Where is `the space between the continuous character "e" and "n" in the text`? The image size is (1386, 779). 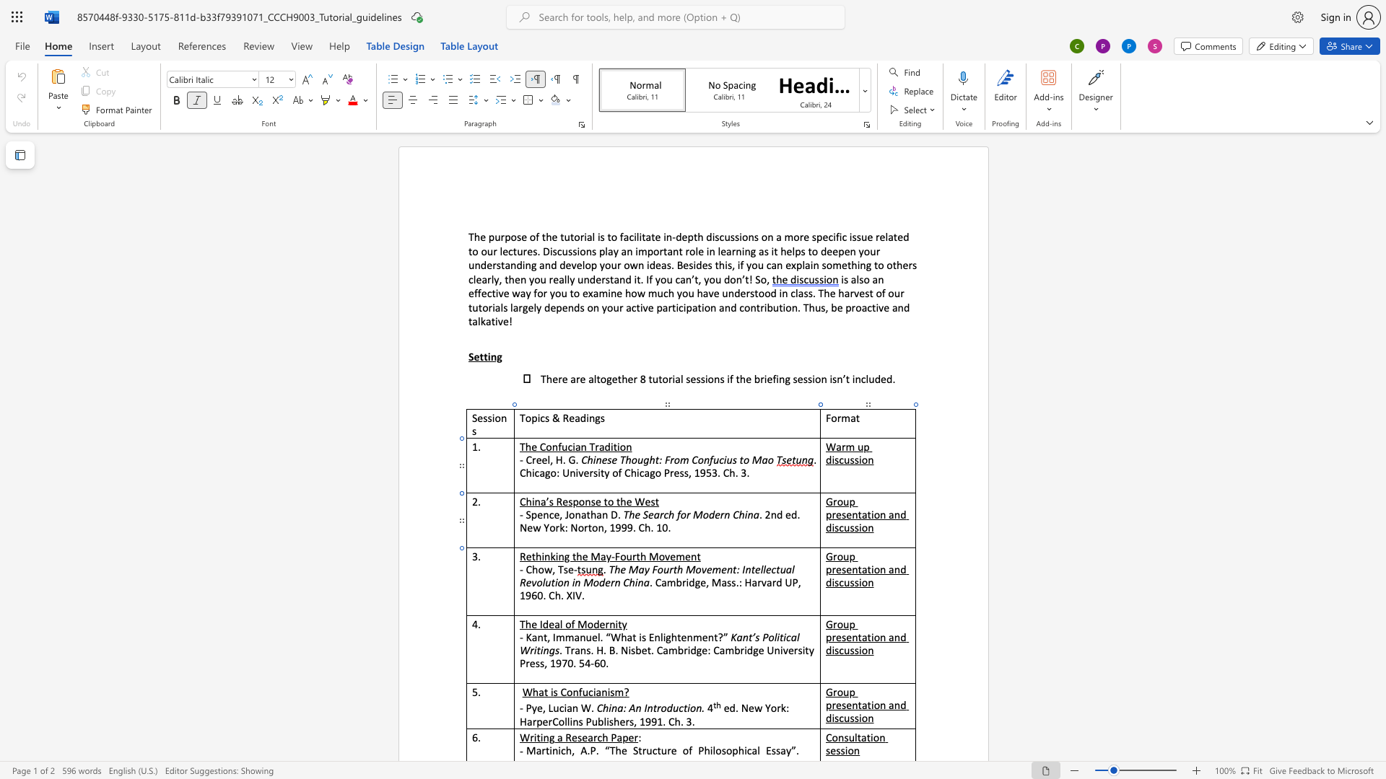
the space between the continuous character "e" and "n" in the text is located at coordinates (852, 514).